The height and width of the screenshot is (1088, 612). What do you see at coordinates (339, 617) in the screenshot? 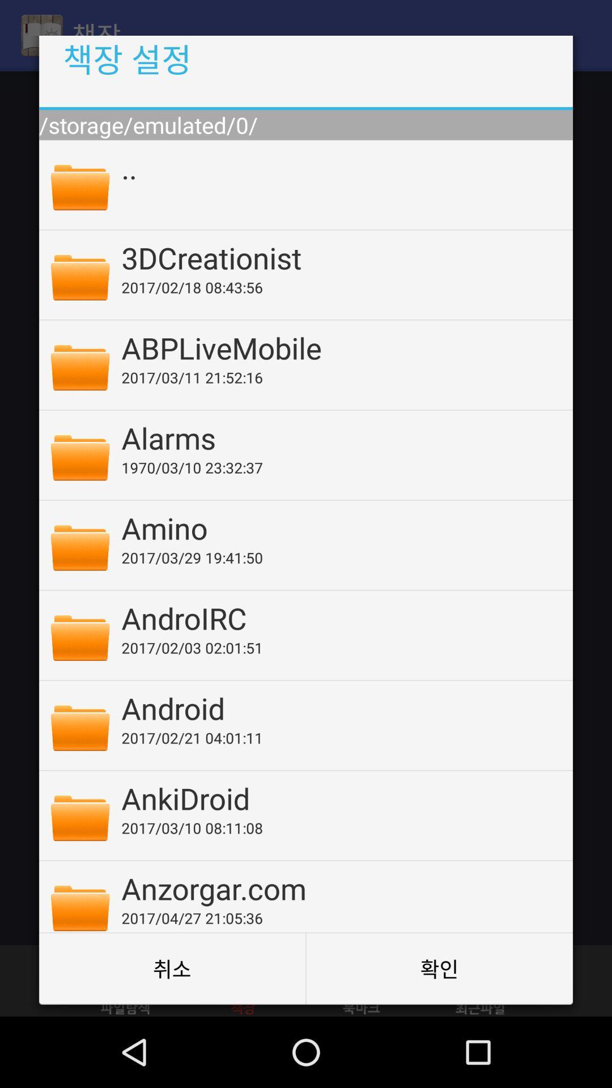
I see `the androirc` at bounding box center [339, 617].